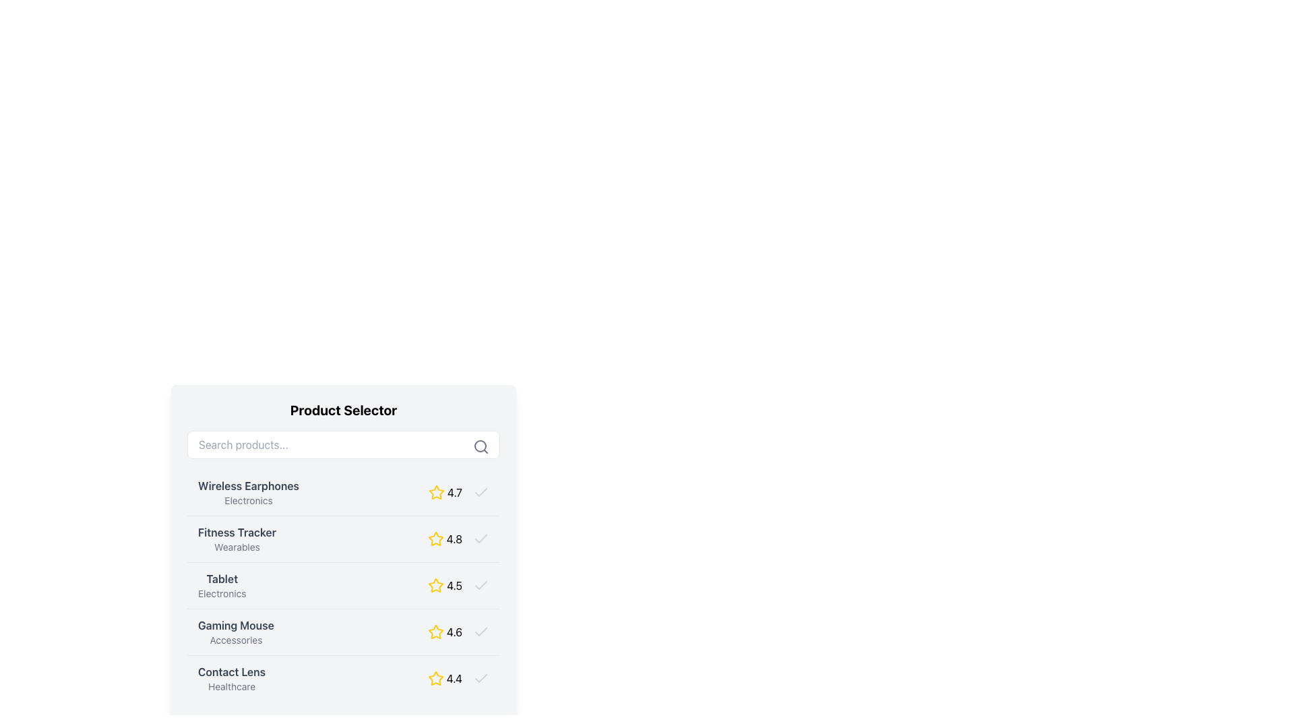  What do you see at coordinates (436, 493) in the screenshot?
I see `the vibrant yellow star icon located to the left of the rating score '4.7' under the 'Product Selector' header for 'Wireless Earphones'` at bounding box center [436, 493].